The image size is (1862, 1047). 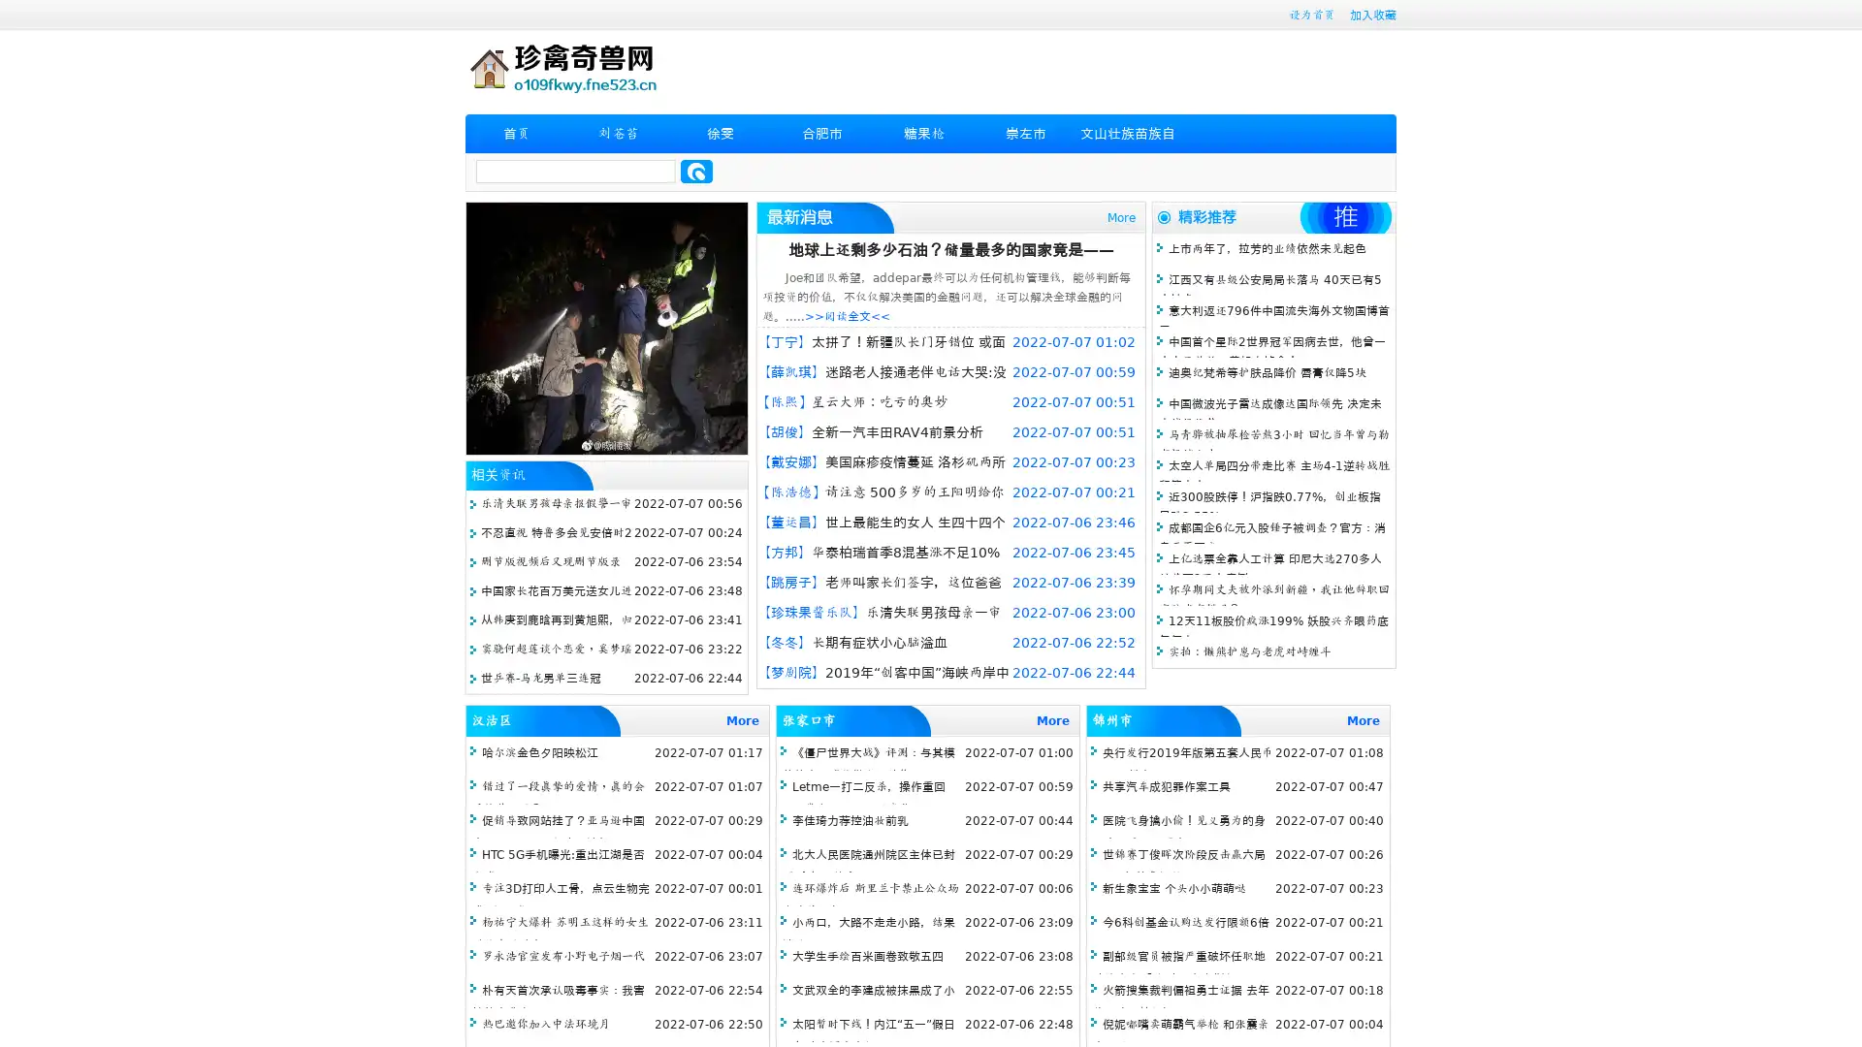 I want to click on Search, so click(x=696, y=171).